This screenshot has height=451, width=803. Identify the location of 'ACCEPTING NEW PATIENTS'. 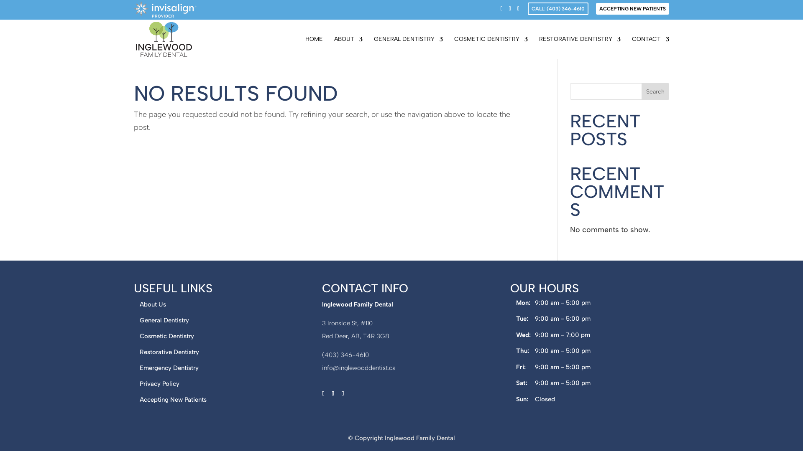
(632, 8).